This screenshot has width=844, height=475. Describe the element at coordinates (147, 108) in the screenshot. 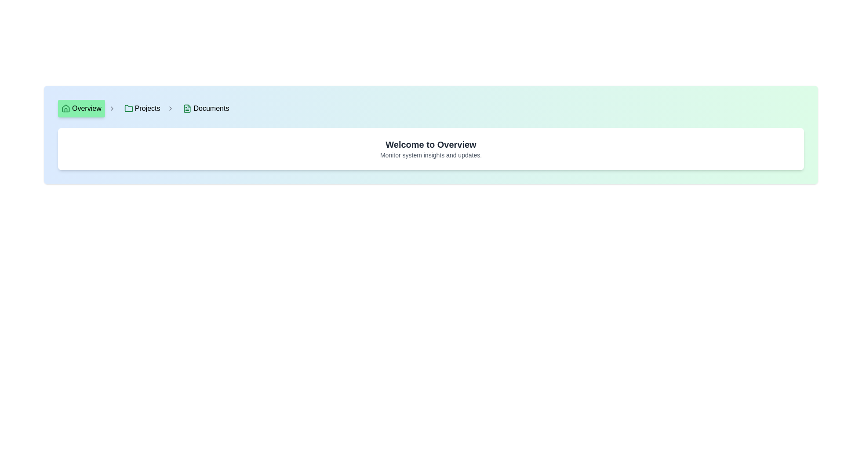

I see `the 'Projects' breadcrumb link, which features a green folder icon and black text, located as the second item in the breadcrumb navigation bar` at that location.